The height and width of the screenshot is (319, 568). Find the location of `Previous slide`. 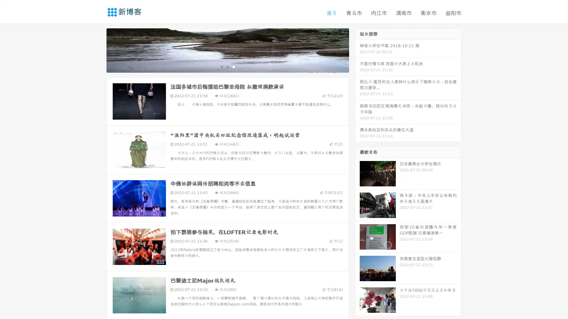

Previous slide is located at coordinates (98, 50).